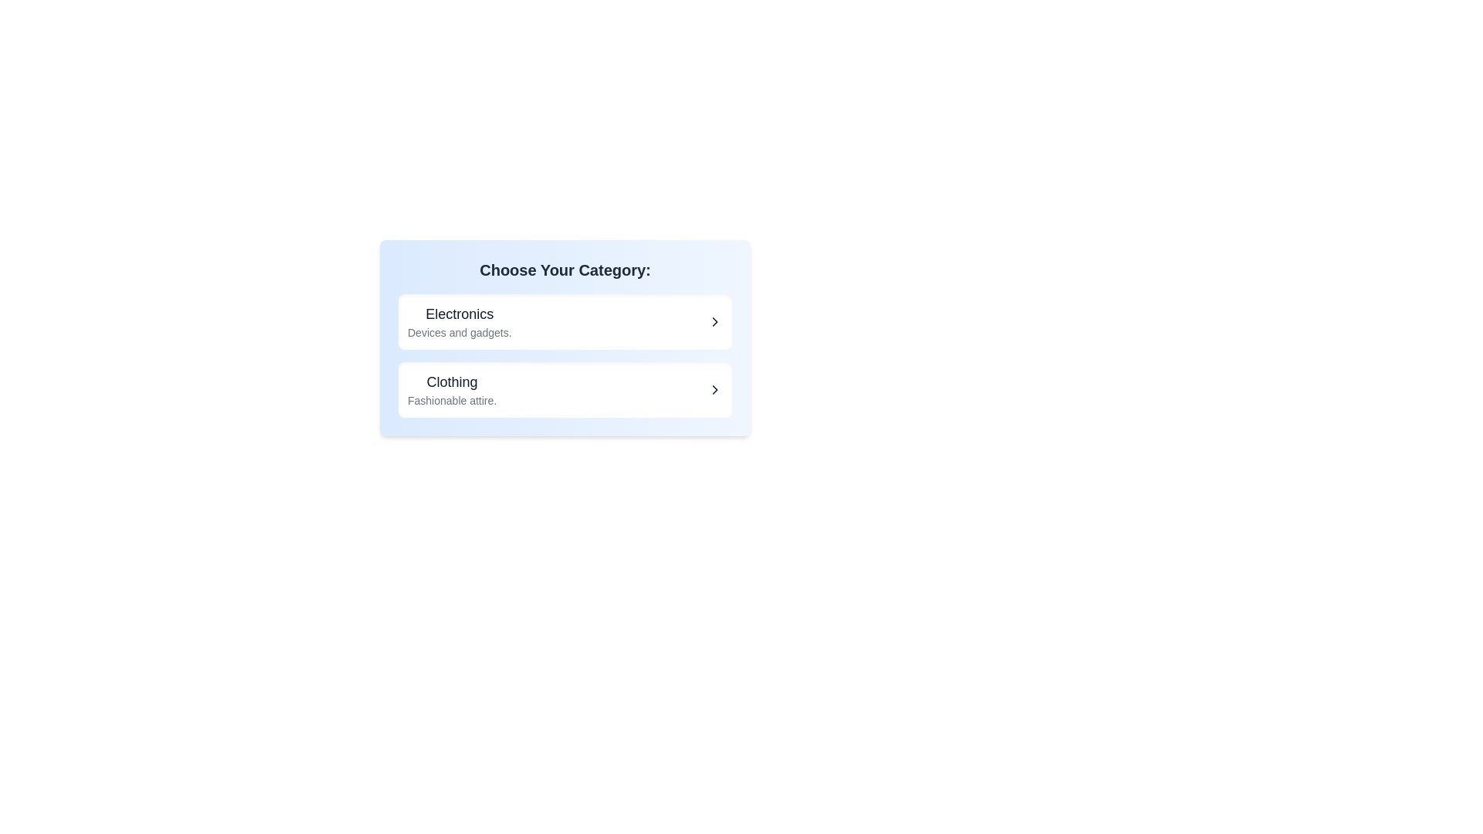 This screenshot has height=834, width=1483. Describe the element at coordinates (459, 332) in the screenshot. I see `text label displaying 'Devices and gadgets.' which is positioned beneath the title 'Electronics' in the categorized list of elements` at that location.